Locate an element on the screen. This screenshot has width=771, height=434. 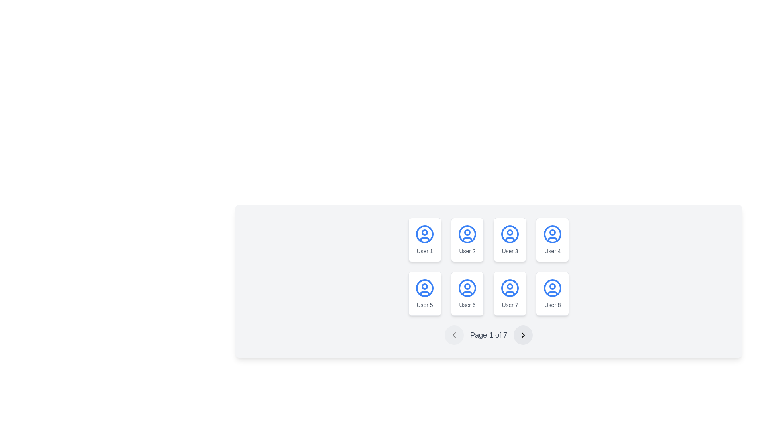
the Chevron-shaped navigation left-arrow icon located in the bottom-right section of the layout is located at coordinates (454, 335).